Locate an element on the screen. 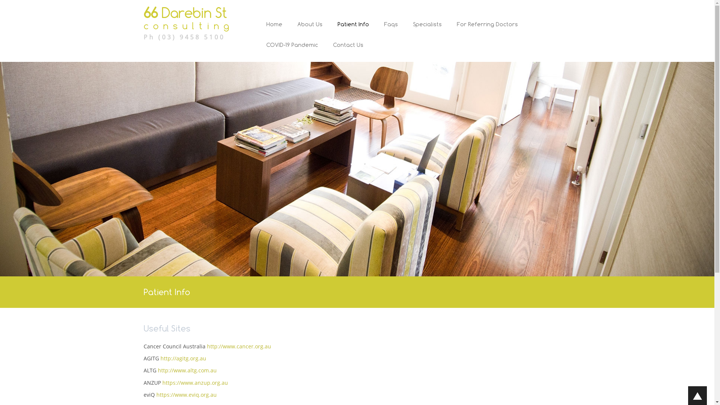  'Home' is located at coordinates (274, 30).